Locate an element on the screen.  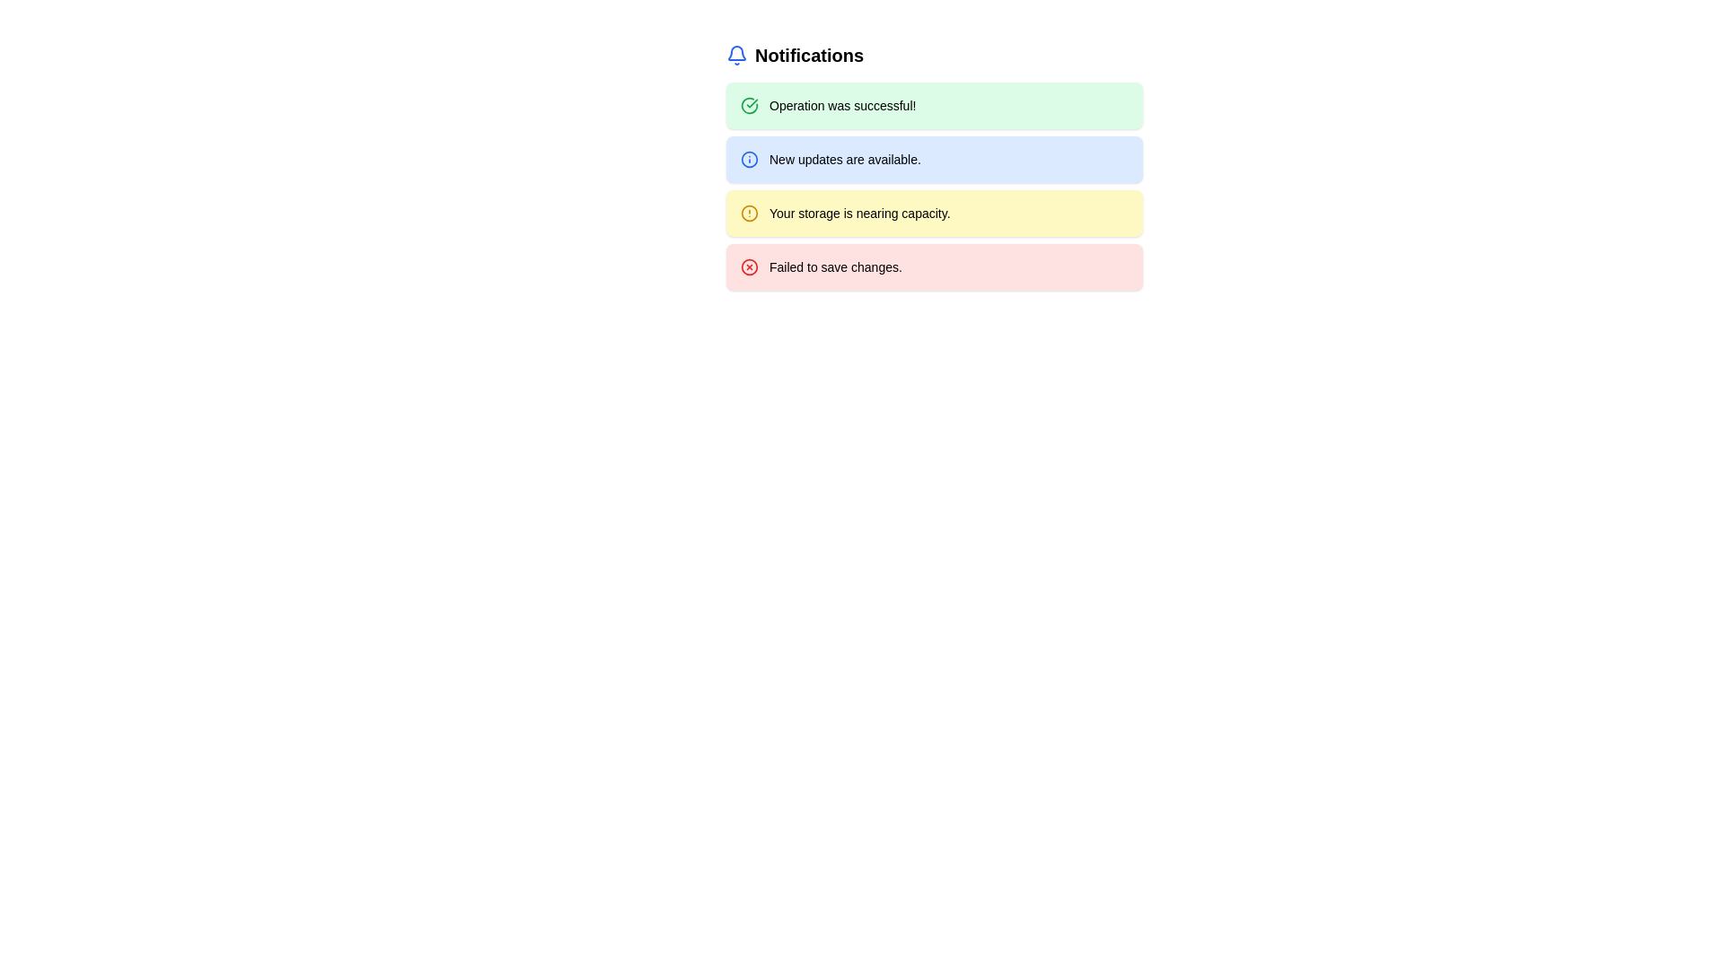
the upper part of the blue bell icon located at the top-left corner of the interface above the heading 'Notifications' is located at coordinates (736, 52).